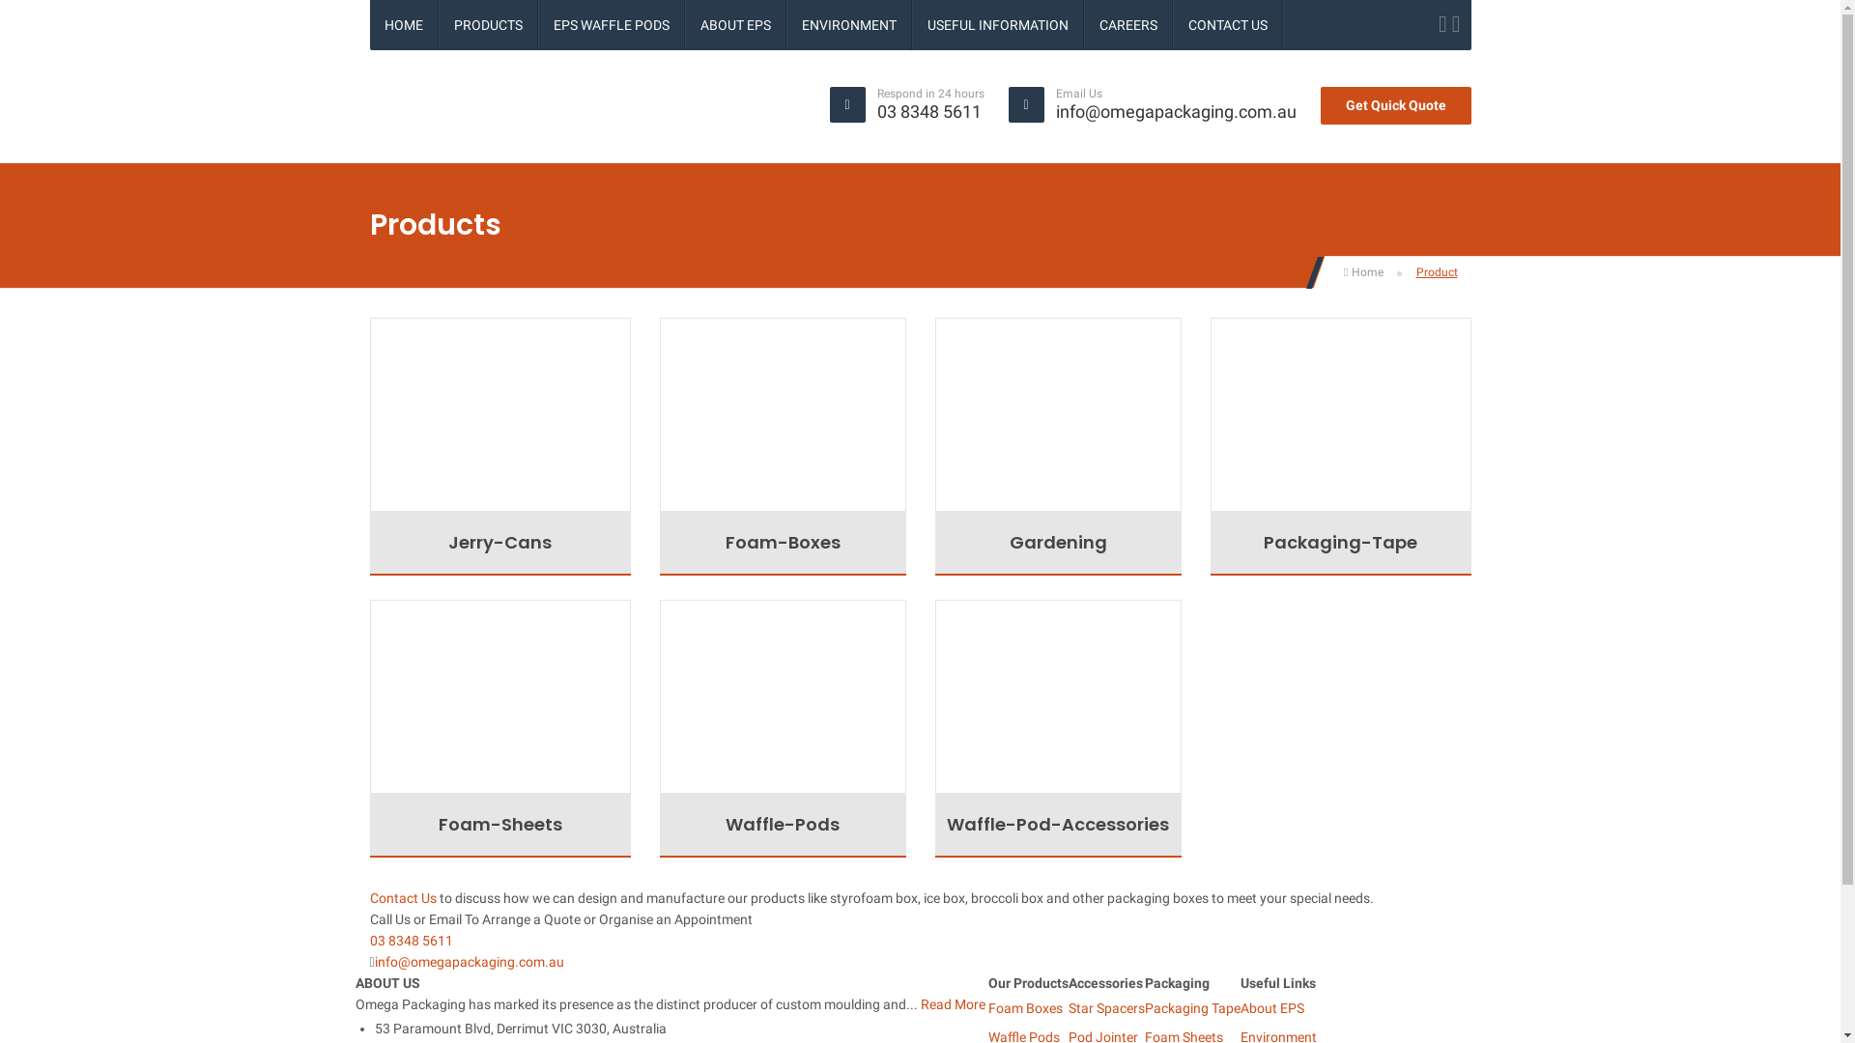 The height and width of the screenshot is (1043, 1855). Describe the element at coordinates (611, 25) in the screenshot. I see `'EPS WAFFLE PODS'` at that location.